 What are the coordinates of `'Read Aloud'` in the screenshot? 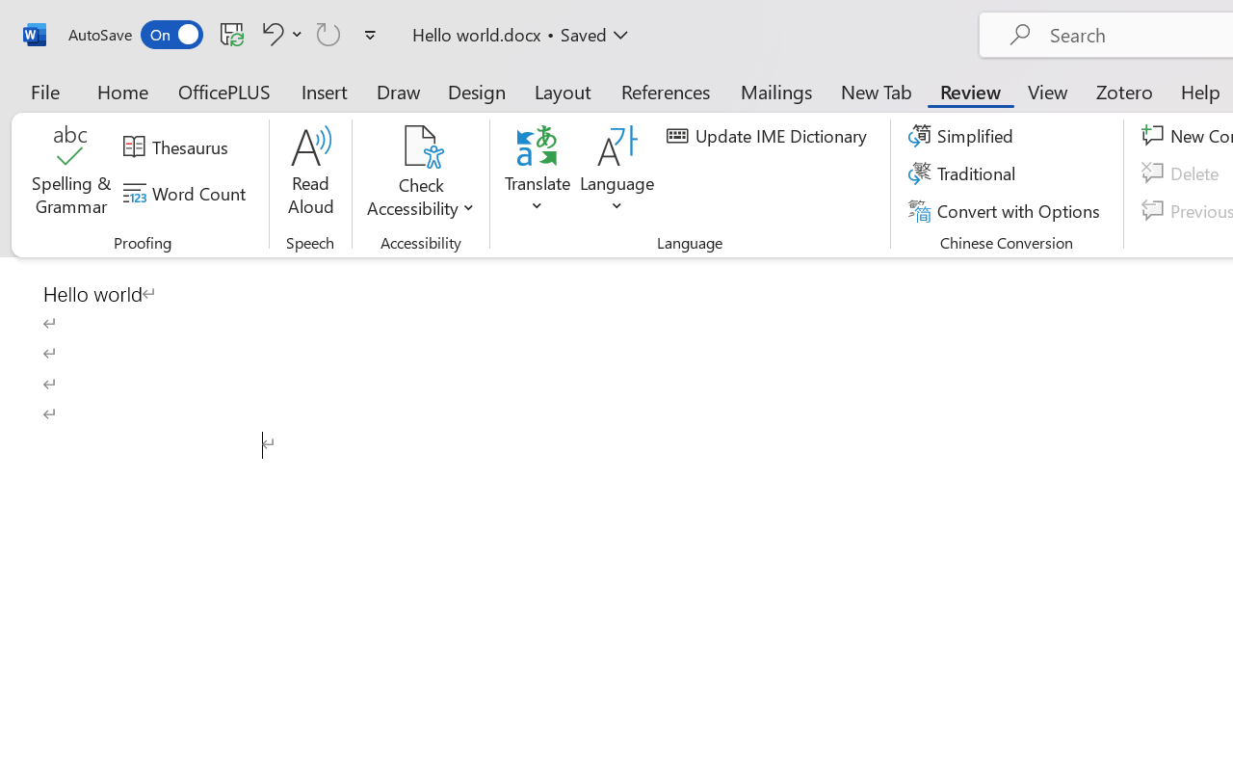 It's located at (311, 173).